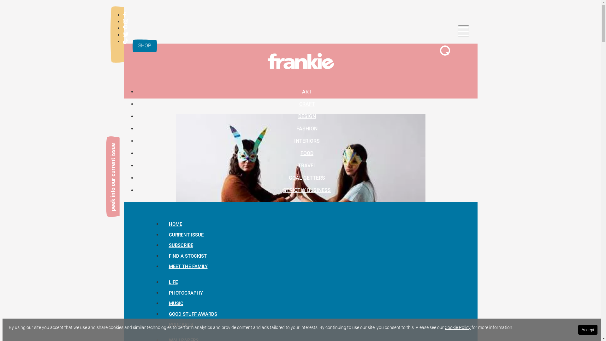  What do you see at coordinates (244, 315) in the screenshot?
I see `'splendour in the craft'` at bounding box center [244, 315].